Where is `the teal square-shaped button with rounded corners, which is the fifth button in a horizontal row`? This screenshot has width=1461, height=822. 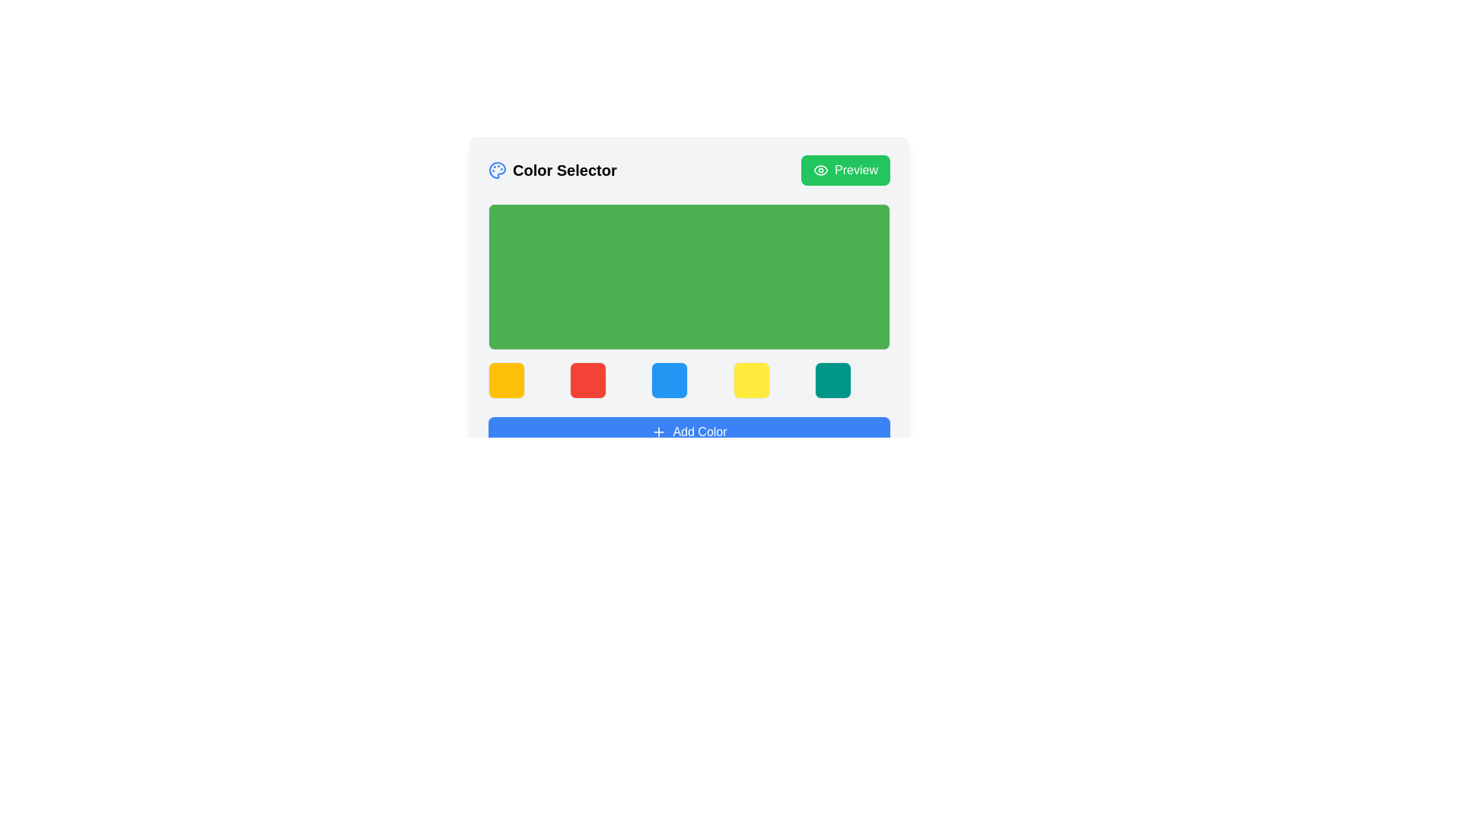
the teal square-shaped button with rounded corners, which is the fifth button in a horizontal row is located at coordinates (832, 380).